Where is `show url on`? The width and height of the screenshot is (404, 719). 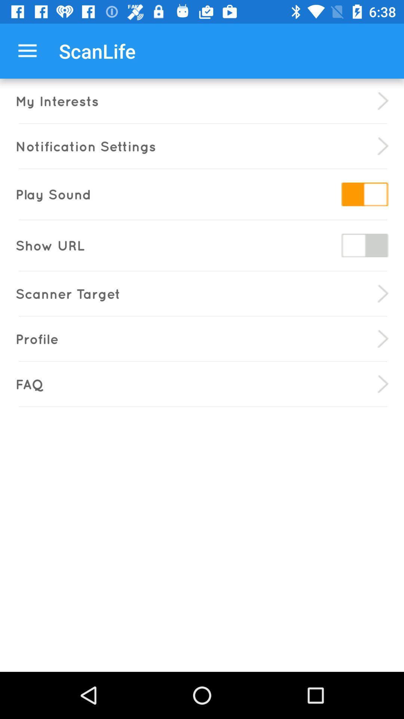
show url on is located at coordinates (364, 245).